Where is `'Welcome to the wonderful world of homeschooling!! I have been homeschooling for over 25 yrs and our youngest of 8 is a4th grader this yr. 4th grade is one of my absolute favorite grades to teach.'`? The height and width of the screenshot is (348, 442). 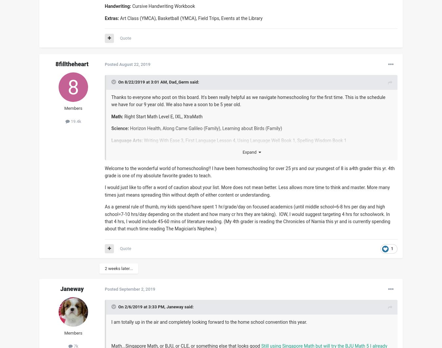
'Welcome to the wonderful world of homeschooling!! I have been homeschooling for over 25 yrs and our youngest of 8 is a4th grader this yr. 4th grade is one of my absolute favorite grades to teach.' is located at coordinates (104, 171).